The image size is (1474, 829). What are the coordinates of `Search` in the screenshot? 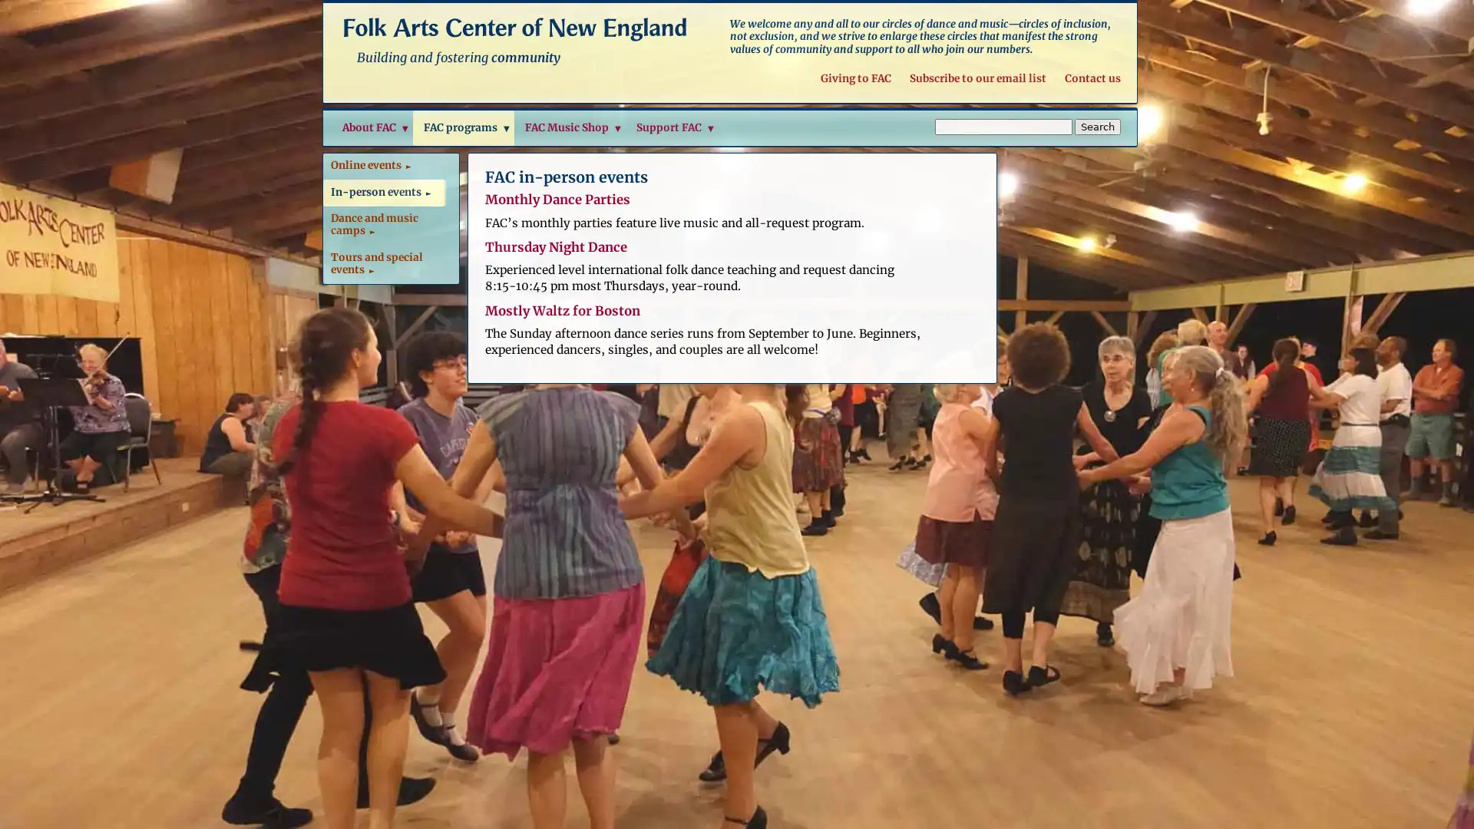 It's located at (1097, 125).